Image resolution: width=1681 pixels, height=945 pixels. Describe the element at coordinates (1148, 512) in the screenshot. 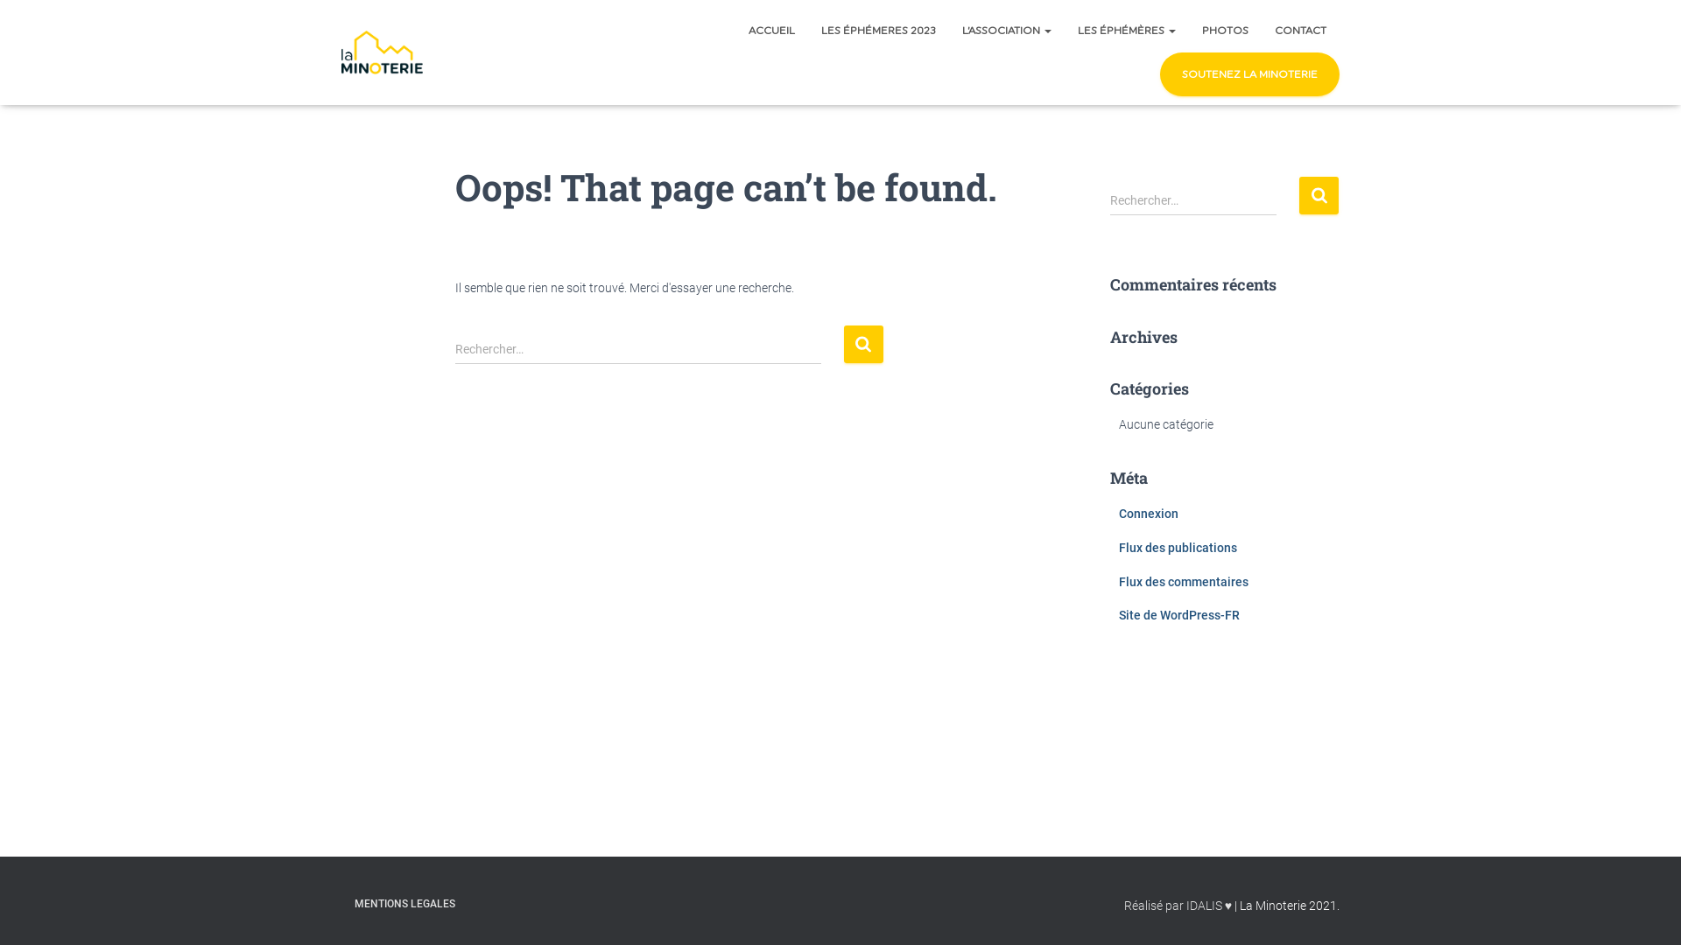

I see `'Connexion'` at that location.